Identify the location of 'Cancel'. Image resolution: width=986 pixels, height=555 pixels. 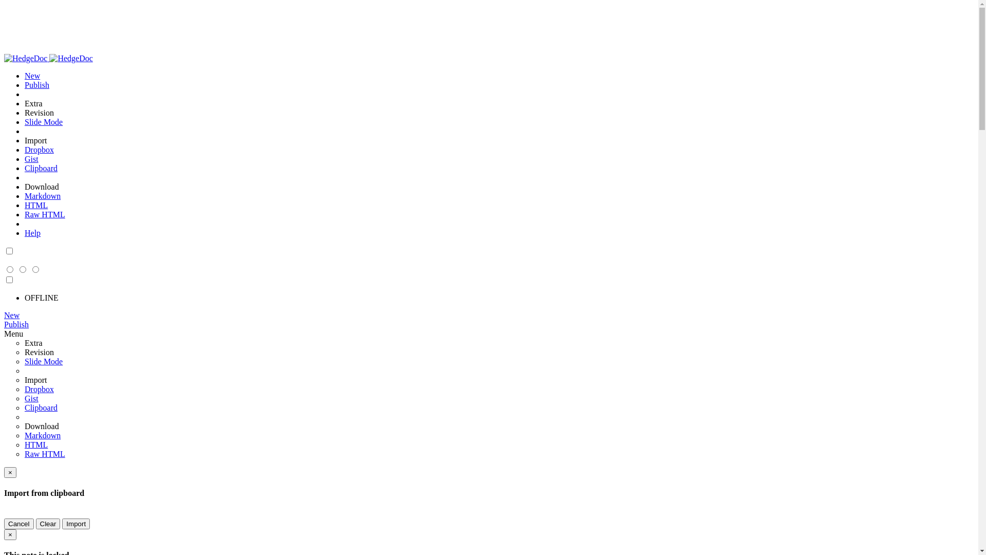
(19, 524).